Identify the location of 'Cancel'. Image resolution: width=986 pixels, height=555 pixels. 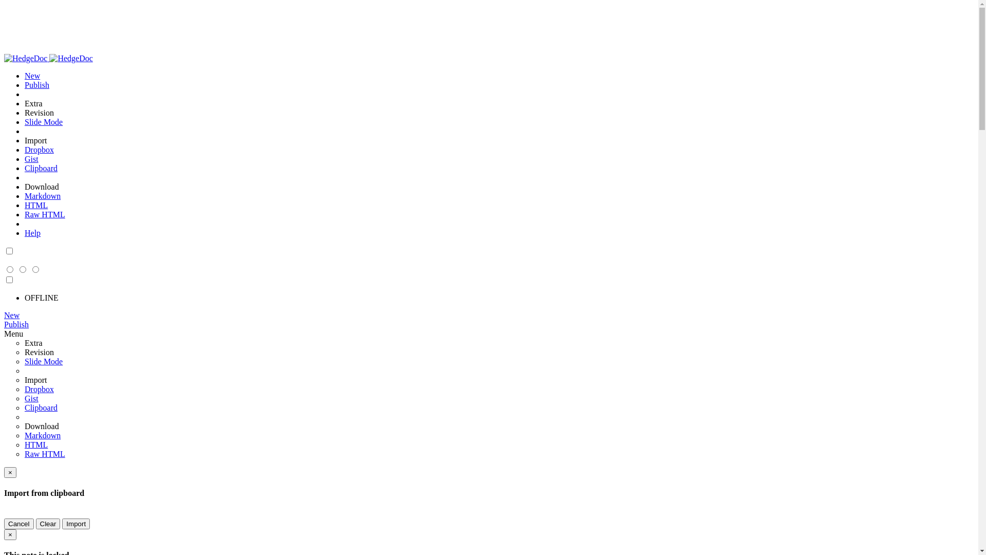
(19, 524).